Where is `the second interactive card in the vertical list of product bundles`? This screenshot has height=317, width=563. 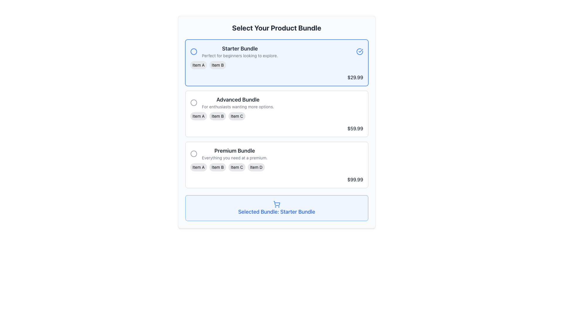 the second interactive card in the vertical list of product bundles is located at coordinates (276, 114).